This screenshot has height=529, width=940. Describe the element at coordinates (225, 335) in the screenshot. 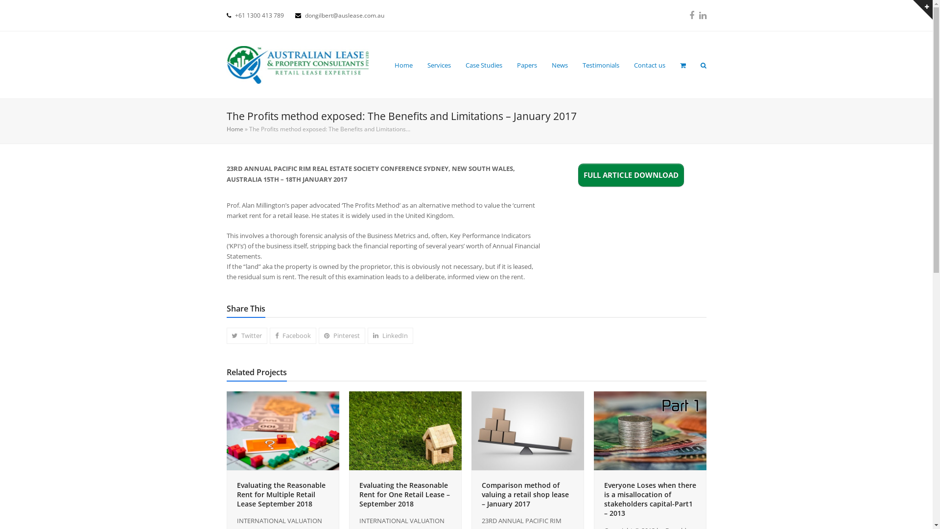

I see `'Twitter'` at that location.